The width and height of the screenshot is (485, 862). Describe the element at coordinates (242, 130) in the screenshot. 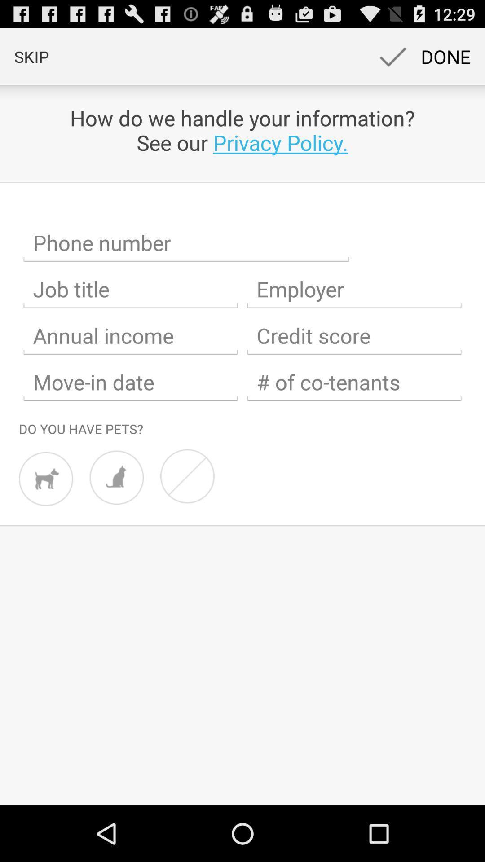

I see `how do we item` at that location.